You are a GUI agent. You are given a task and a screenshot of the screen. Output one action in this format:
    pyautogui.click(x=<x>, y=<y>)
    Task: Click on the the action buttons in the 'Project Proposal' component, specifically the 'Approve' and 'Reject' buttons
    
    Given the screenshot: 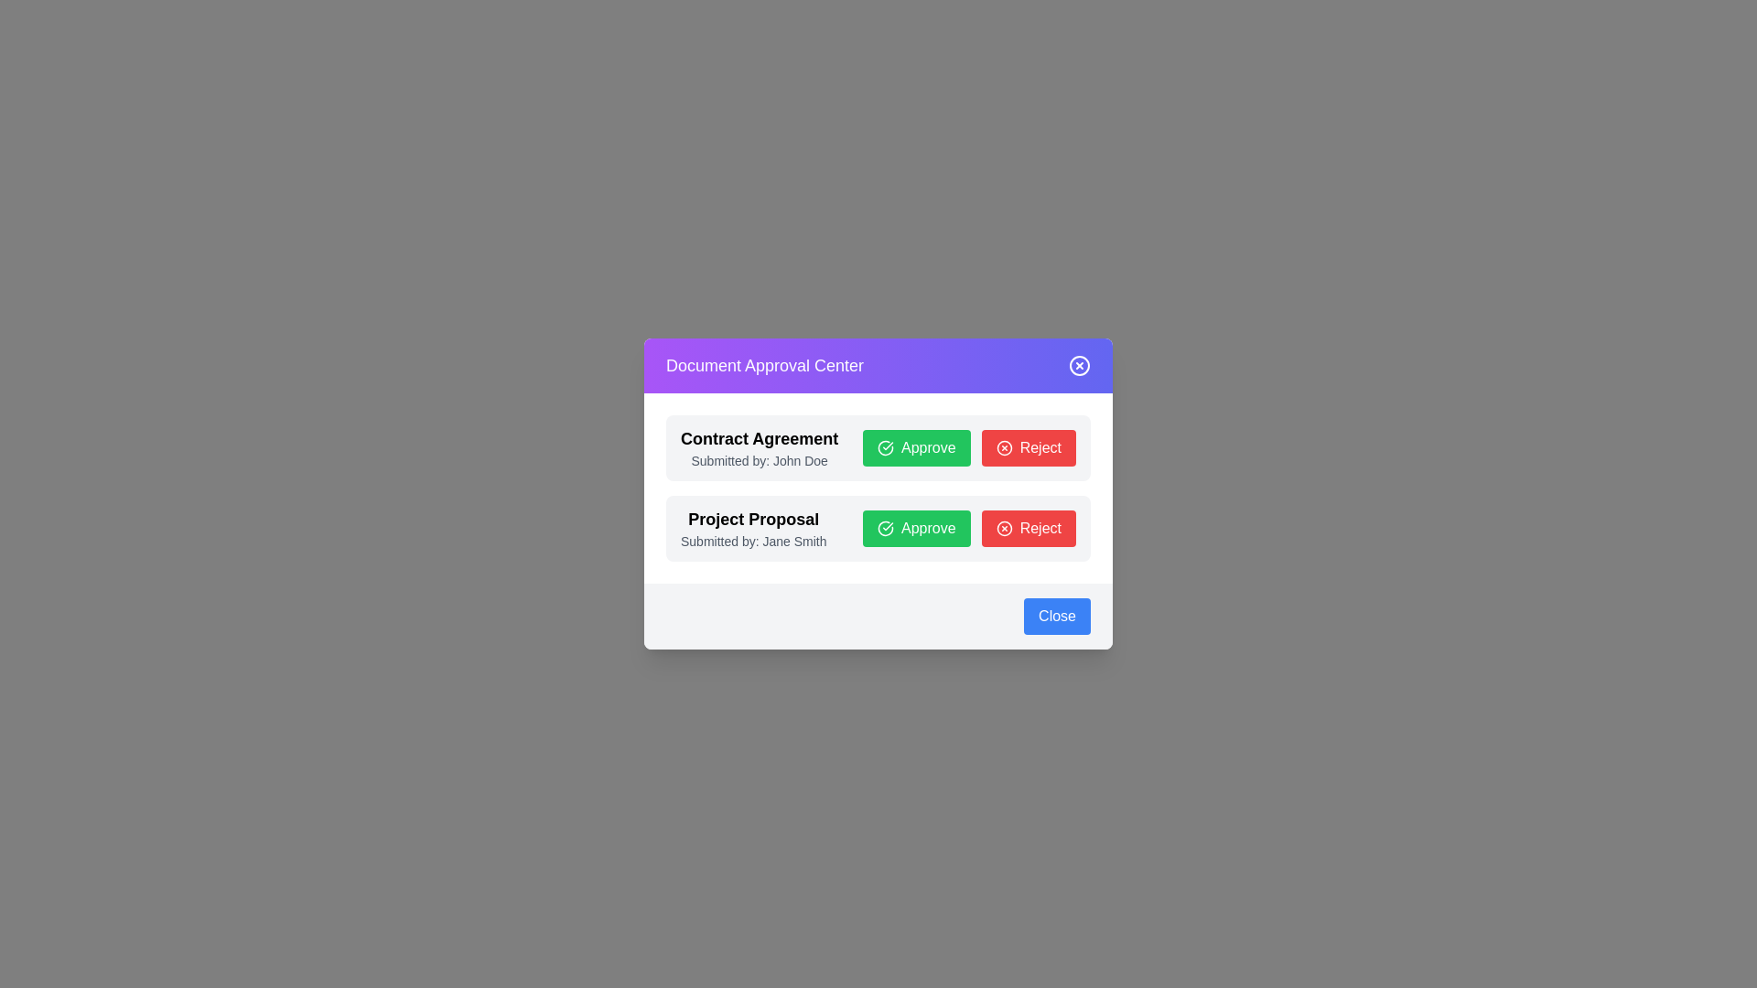 What is the action you would take?
    pyautogui.click(x=878, y=529)
    